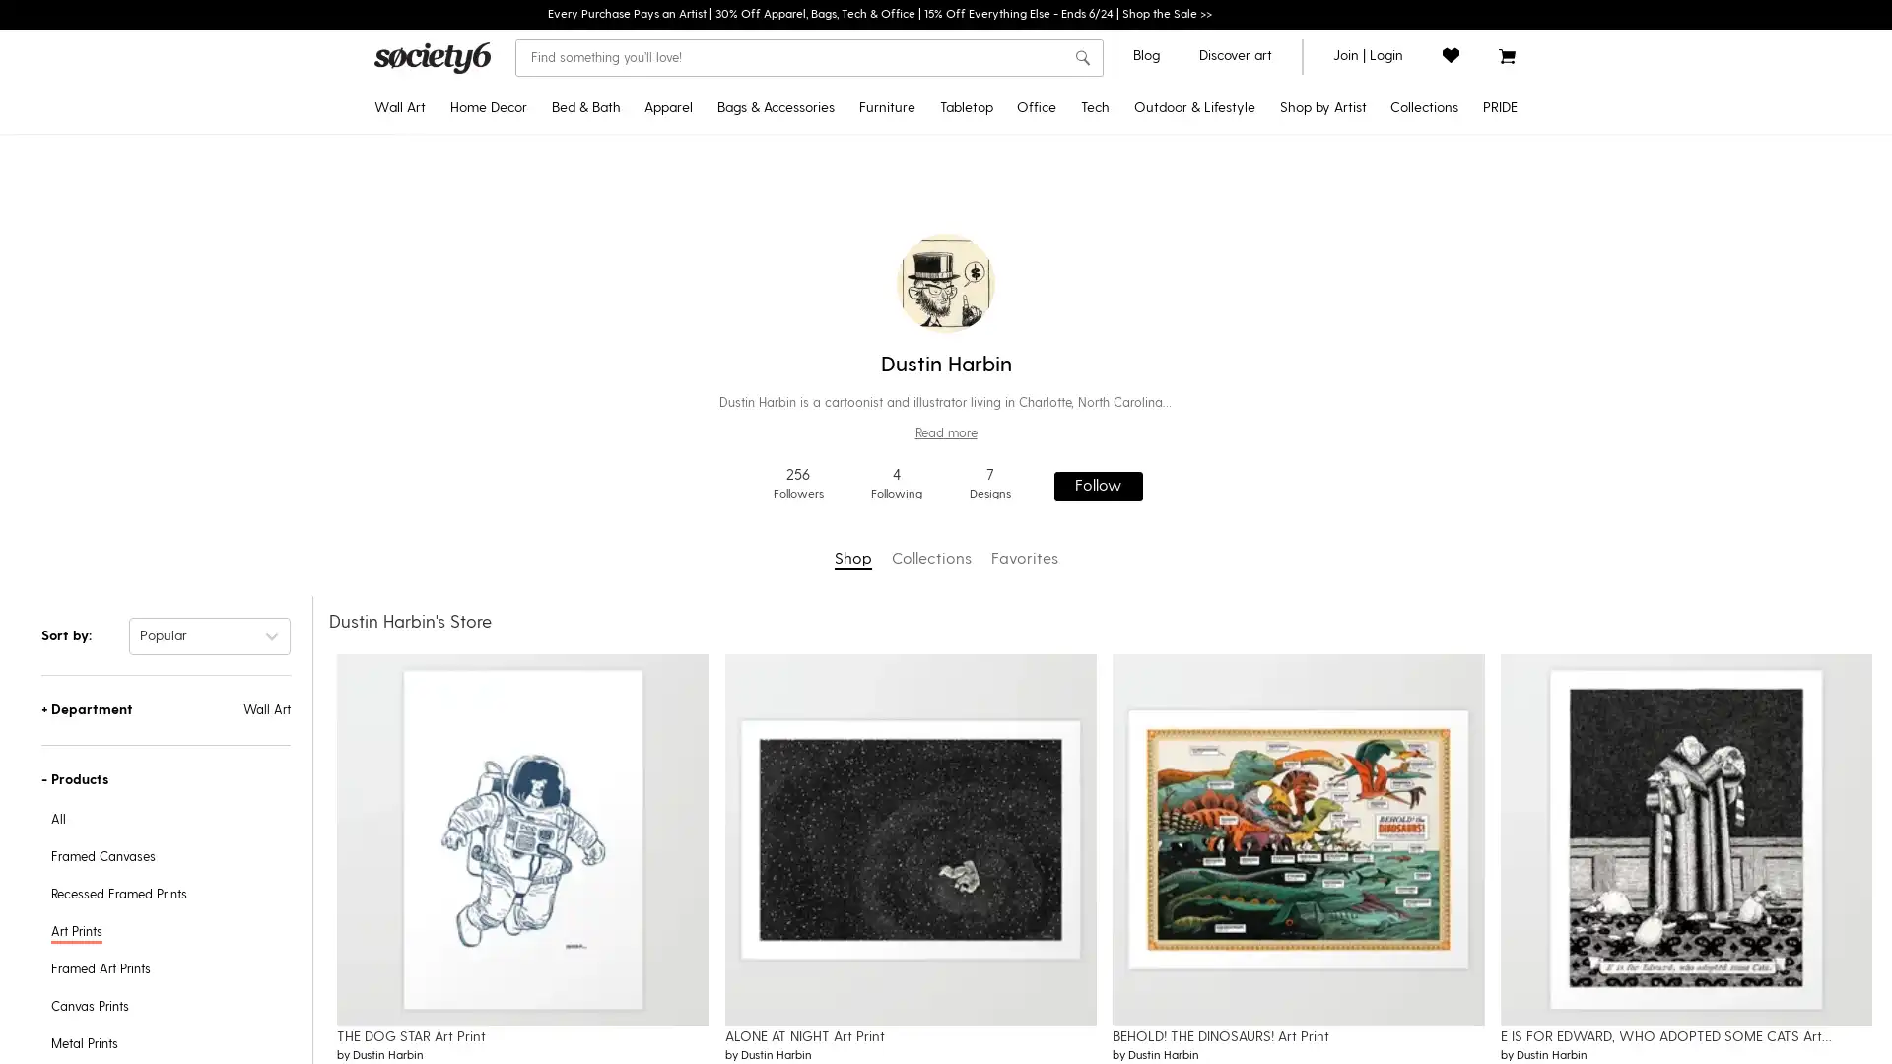  I want to click on Tank Tops, so click(730, 348).